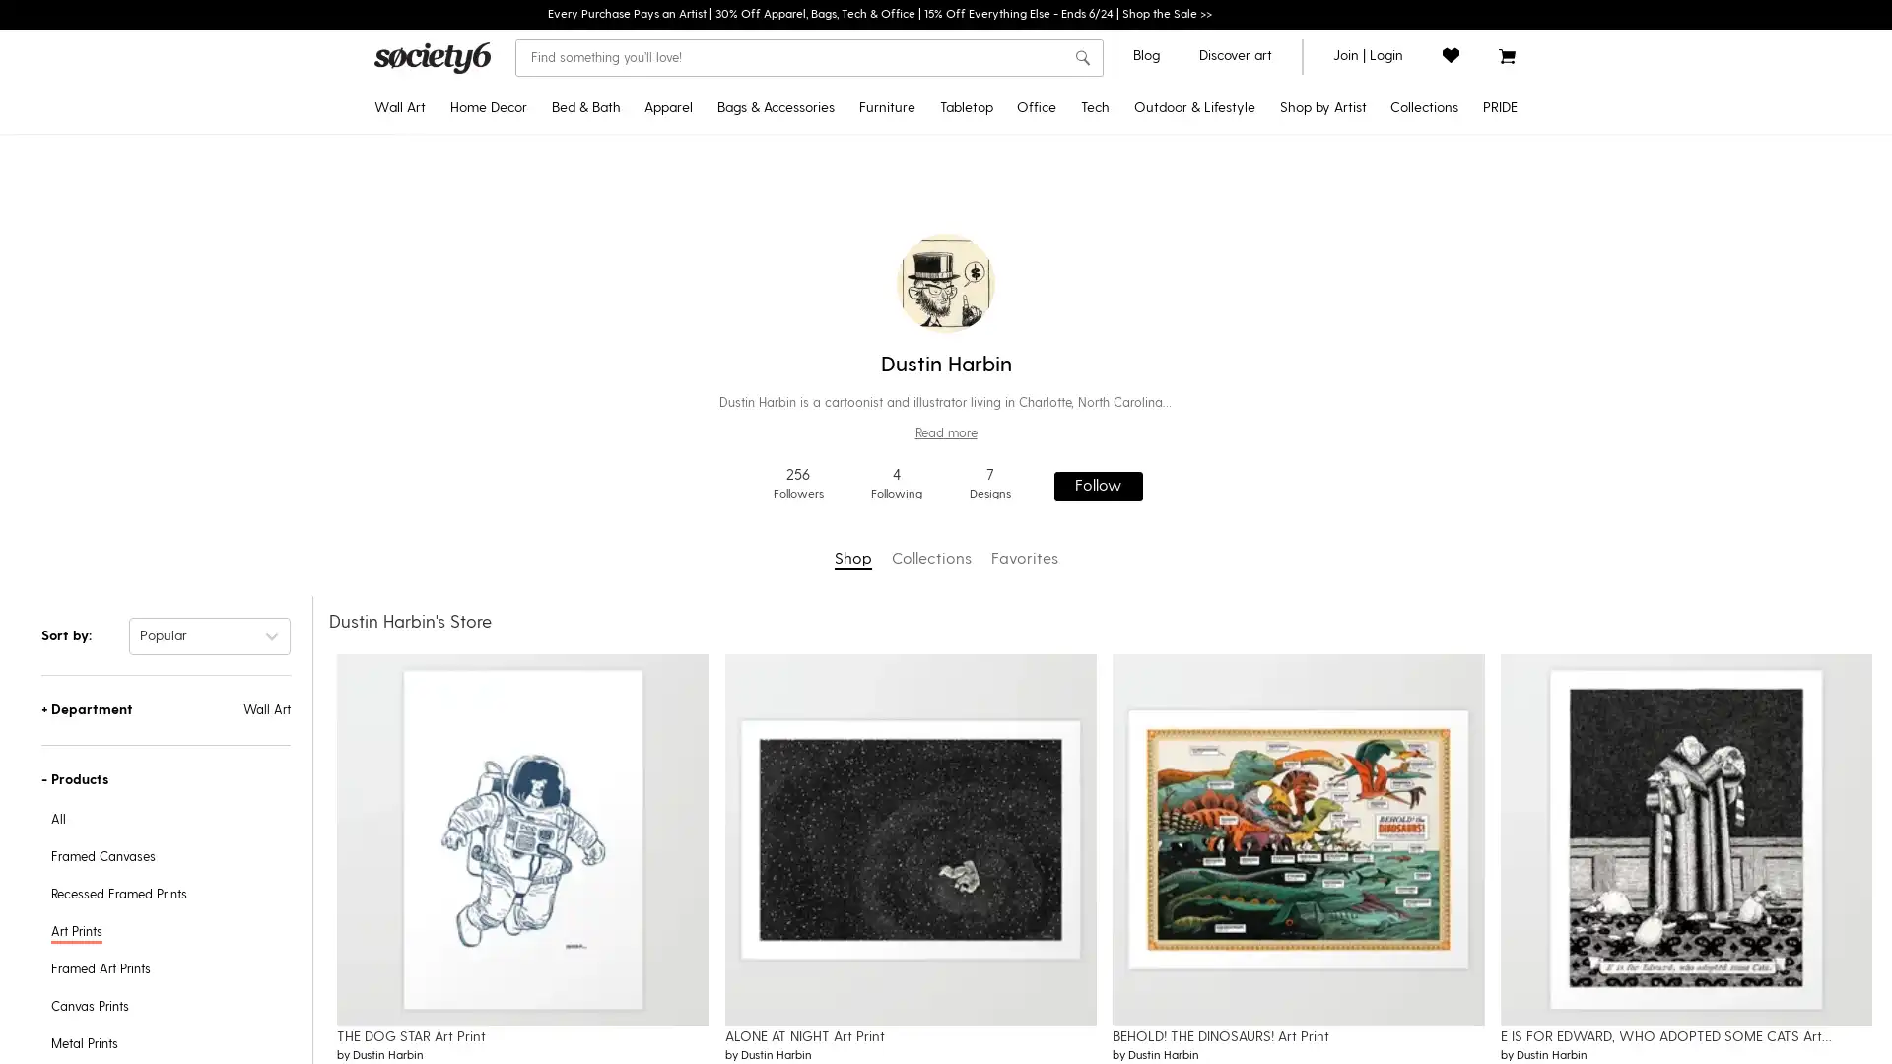  I want to click on Tank Tops, so click(730, 348).